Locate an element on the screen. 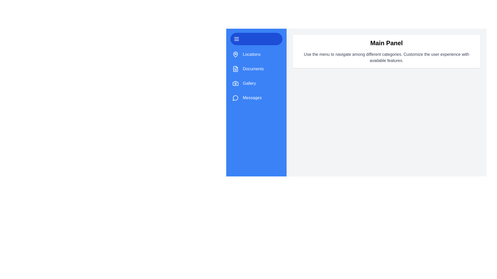  the category Gallery to observe its hover effect is located at coordinates (256, 83).